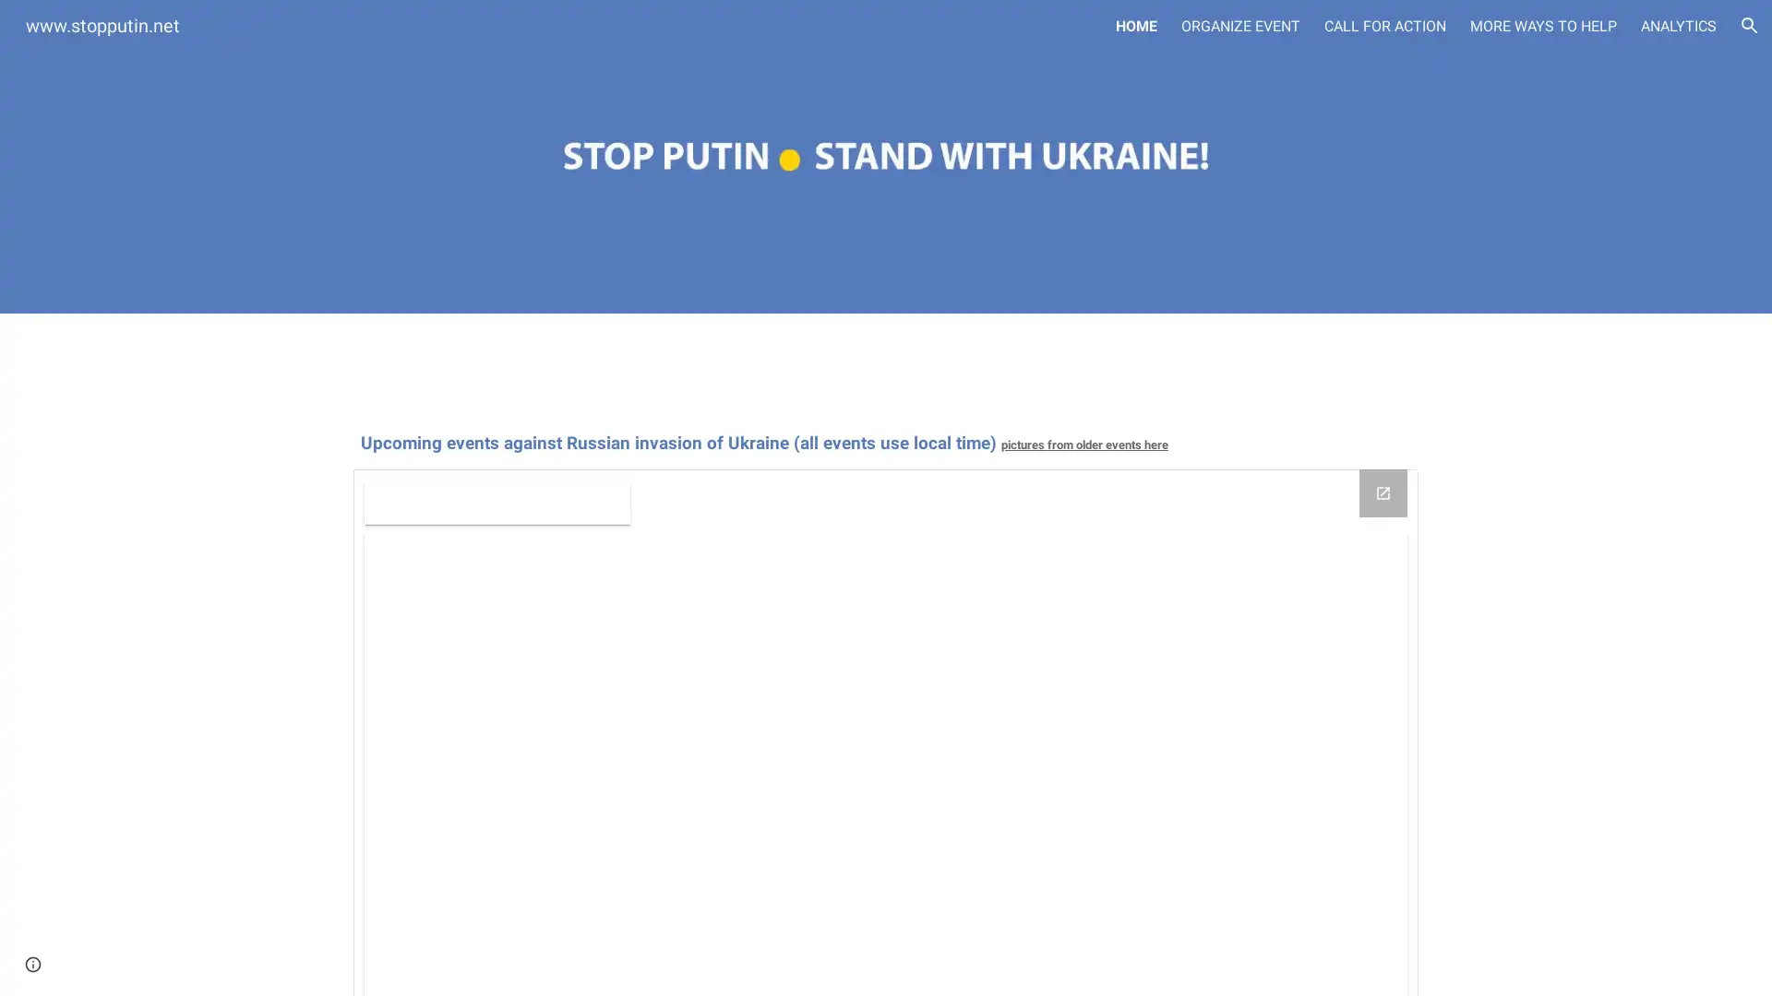 The width and height of the screenshot is (1772, 996). What do you see at coordinates (221, 963) in the screenshot?
I see `Report abuse` at bounding box center [221, 963].